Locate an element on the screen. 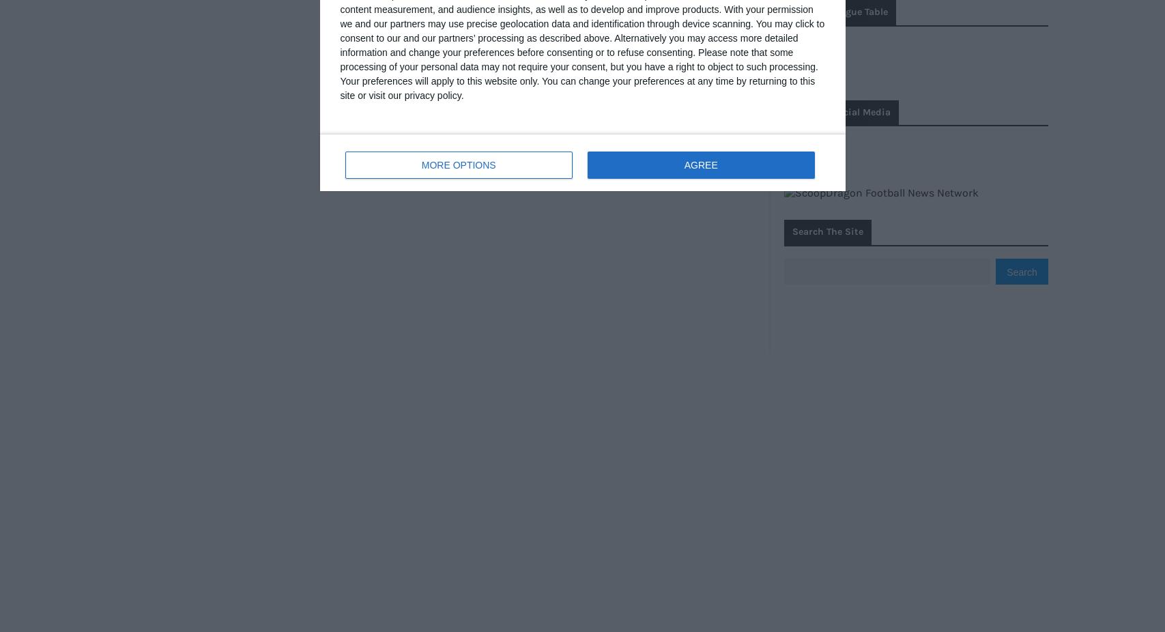 This screenshot has height=632, width=1165. 'May 7th, 2021 by' is located at coordinates (429, 72).